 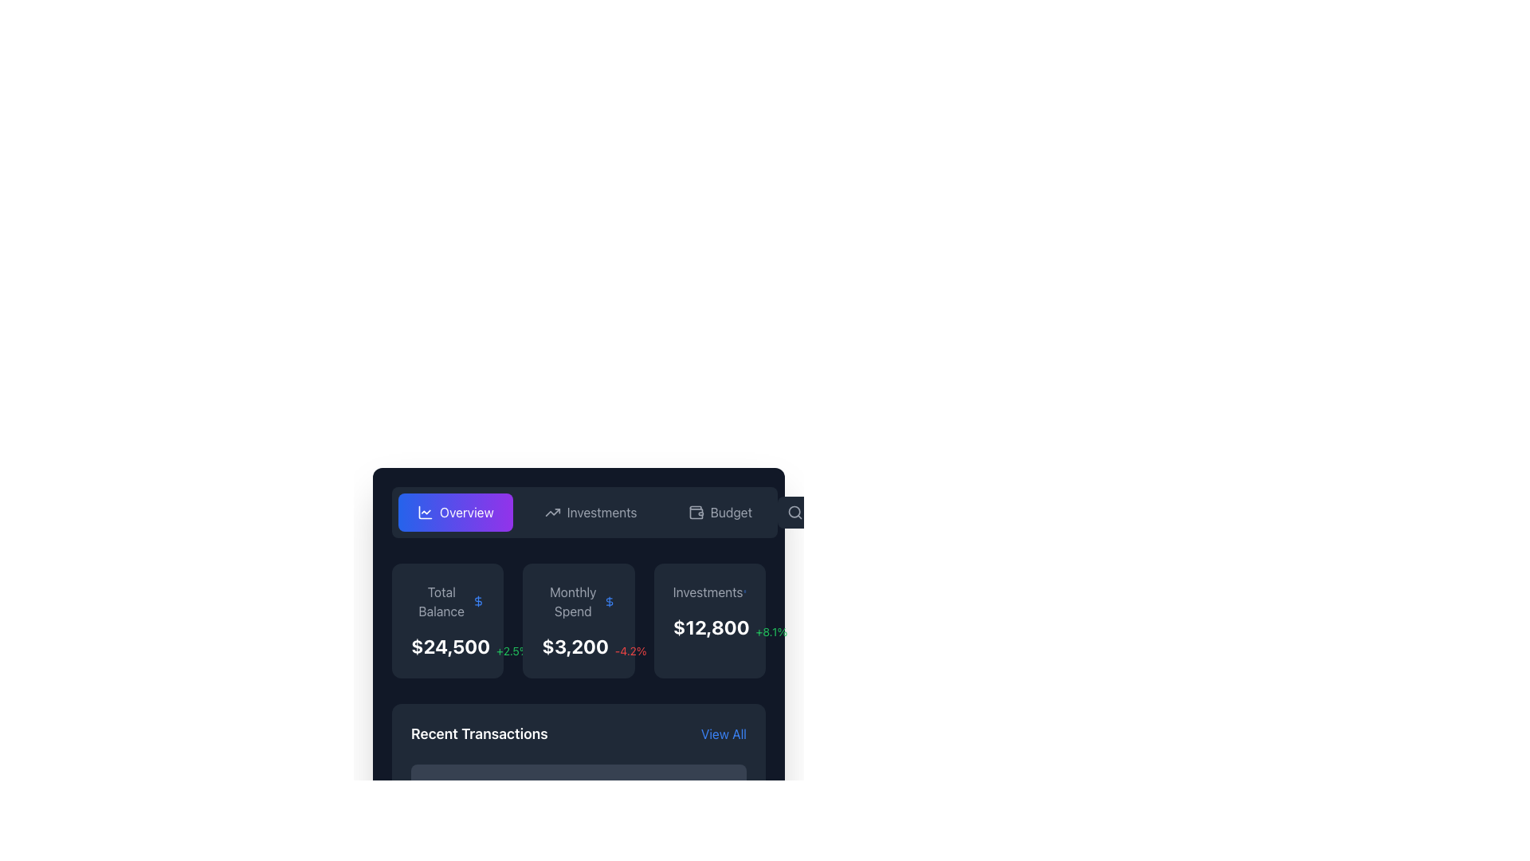 I want to click on the rounded button with a gradient background and a white chart icon labeled 'Overview', so click(x=454, y=513).